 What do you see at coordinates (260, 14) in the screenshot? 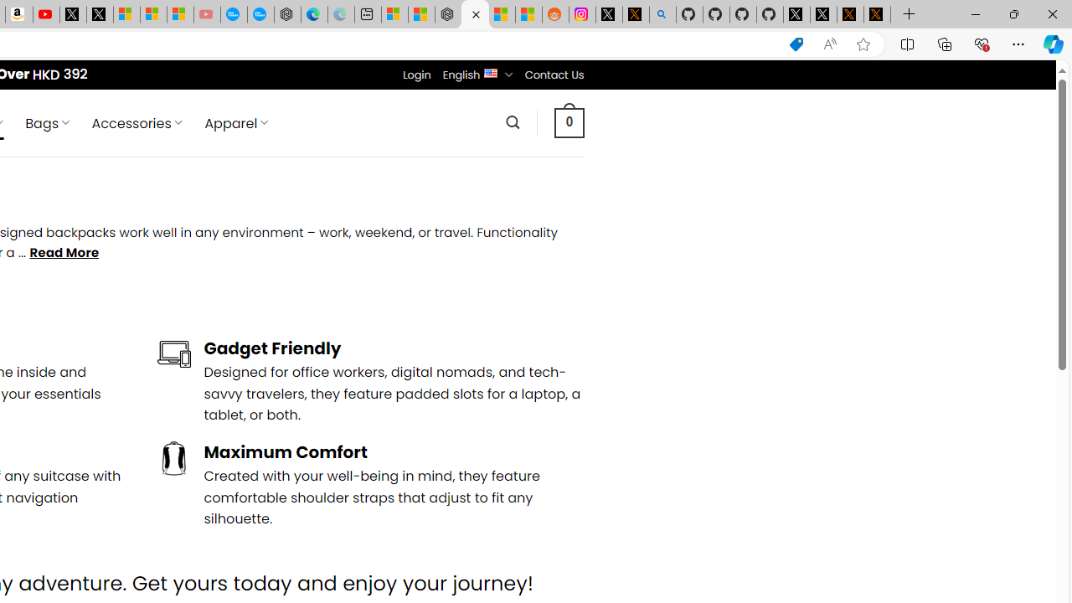
I see `'The most popular Google '` at bounding box center [260, 14].